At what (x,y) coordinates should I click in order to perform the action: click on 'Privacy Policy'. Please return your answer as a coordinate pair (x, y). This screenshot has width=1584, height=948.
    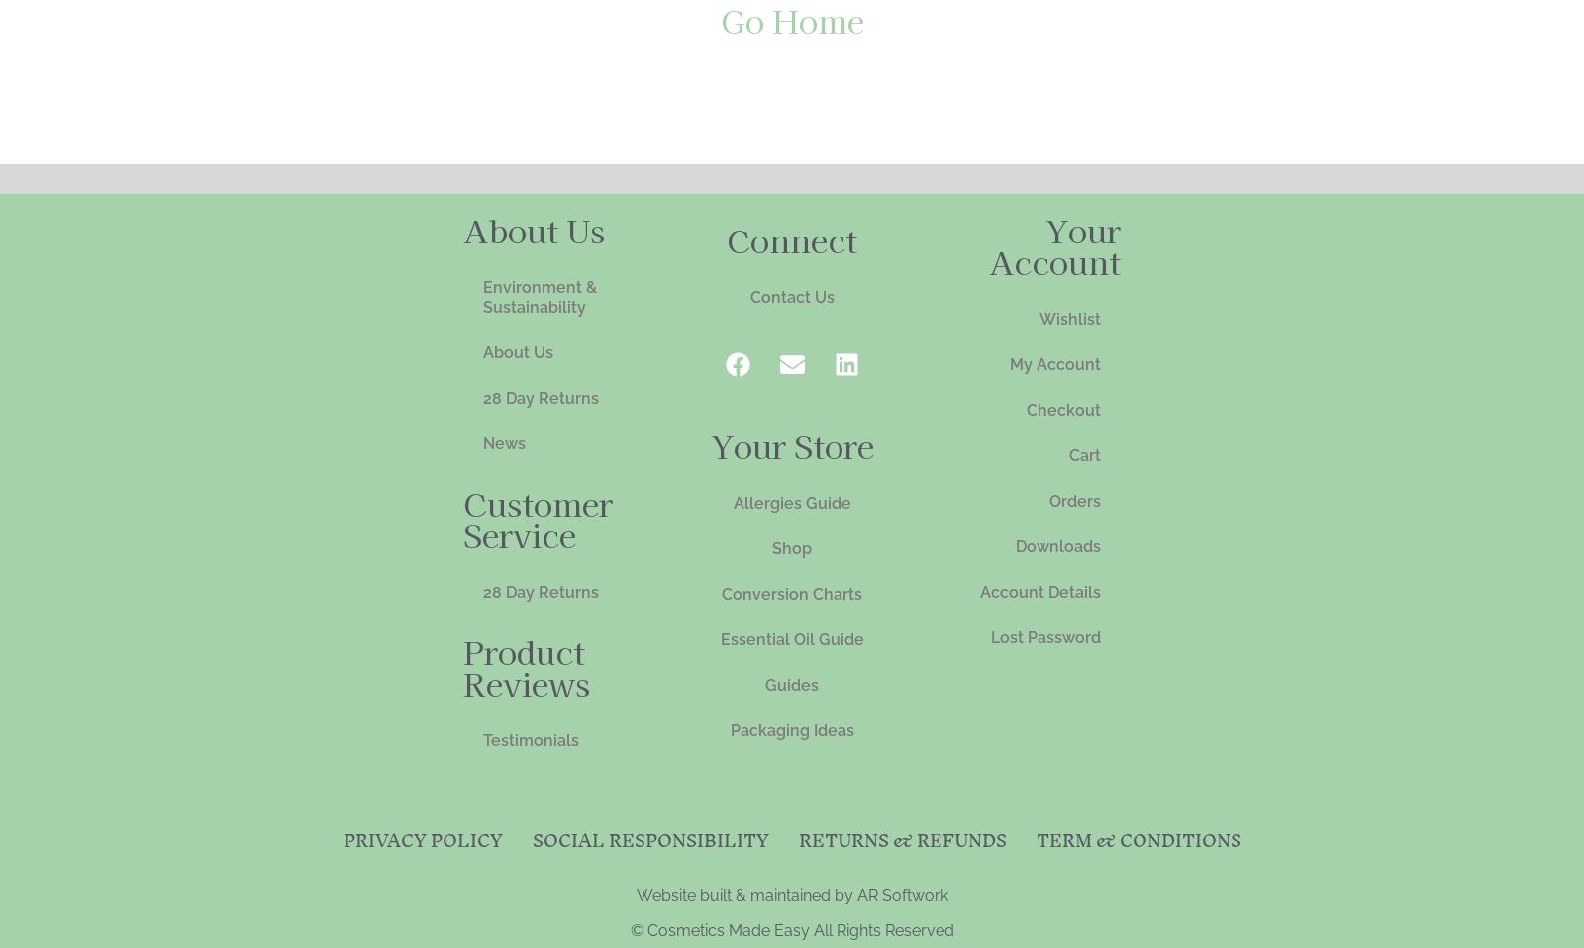
    Looking at the image, I should click on (421, 838).